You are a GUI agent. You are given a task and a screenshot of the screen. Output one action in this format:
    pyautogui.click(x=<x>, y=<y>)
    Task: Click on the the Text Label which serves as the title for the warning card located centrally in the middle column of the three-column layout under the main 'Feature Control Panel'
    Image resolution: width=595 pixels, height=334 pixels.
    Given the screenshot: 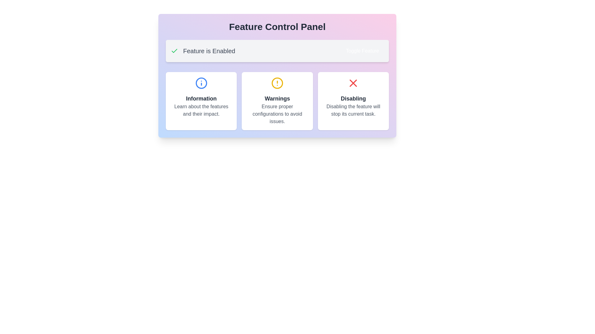 What is the action you would take?
    pyautogui.click(x=277, y=98)
    